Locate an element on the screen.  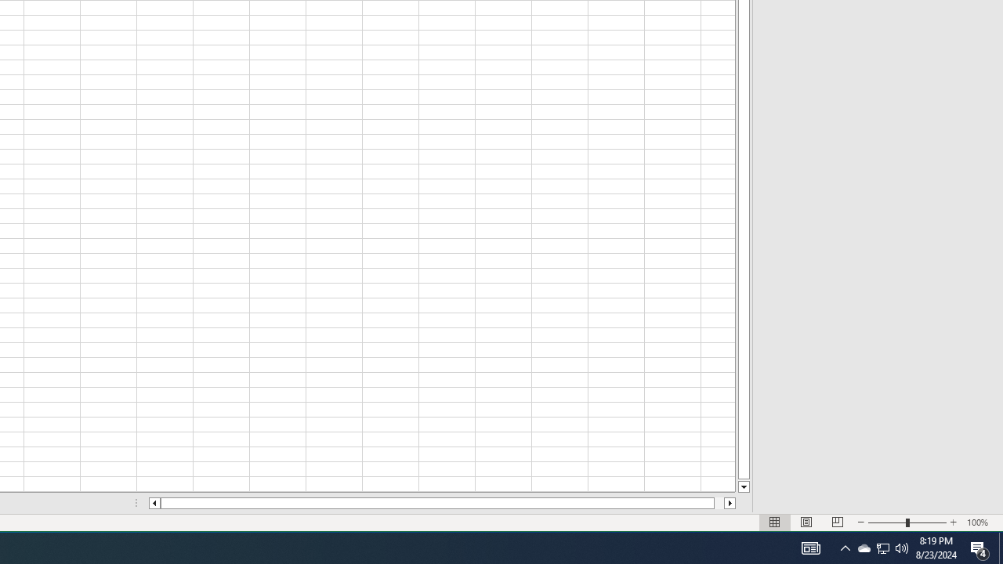
'Page Layout' is located at coordinates (837, 522).